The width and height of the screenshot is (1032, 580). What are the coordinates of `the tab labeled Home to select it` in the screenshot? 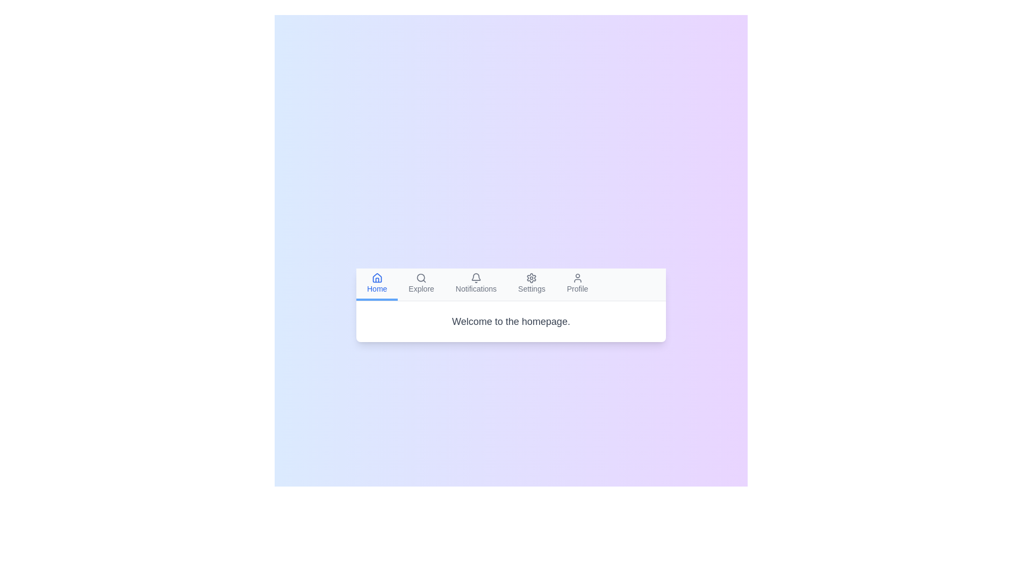 It's located at (377, 284).